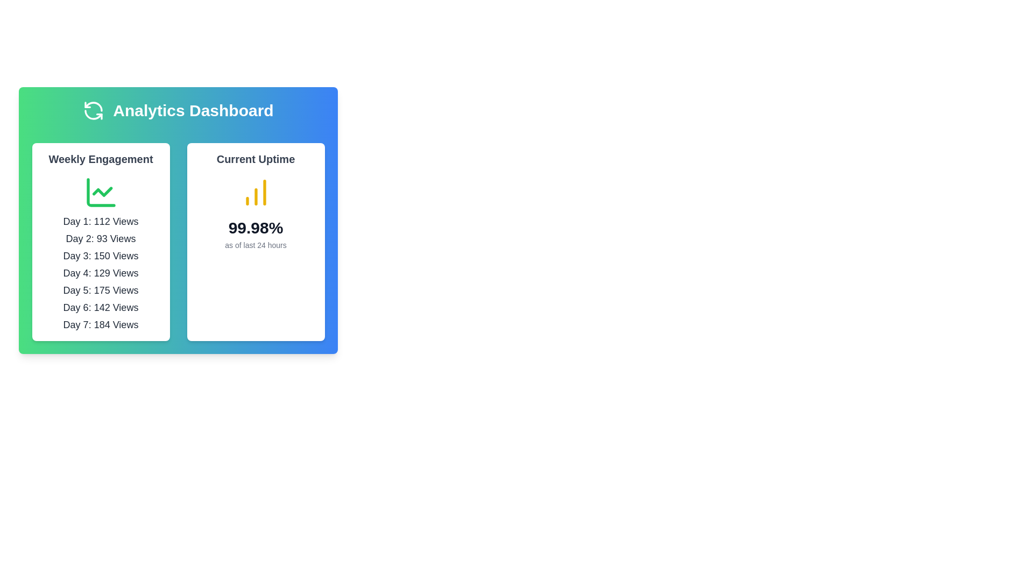  Describe the element at coordinates (101, 238) in the screenshot. I see `the text label displaying the number of views for 'Day 2', which is the second item in the 'Weekly Engagement' section, located below 'Day 1: 112 Views' and above 'Day 3: 150 Views'` at that location.